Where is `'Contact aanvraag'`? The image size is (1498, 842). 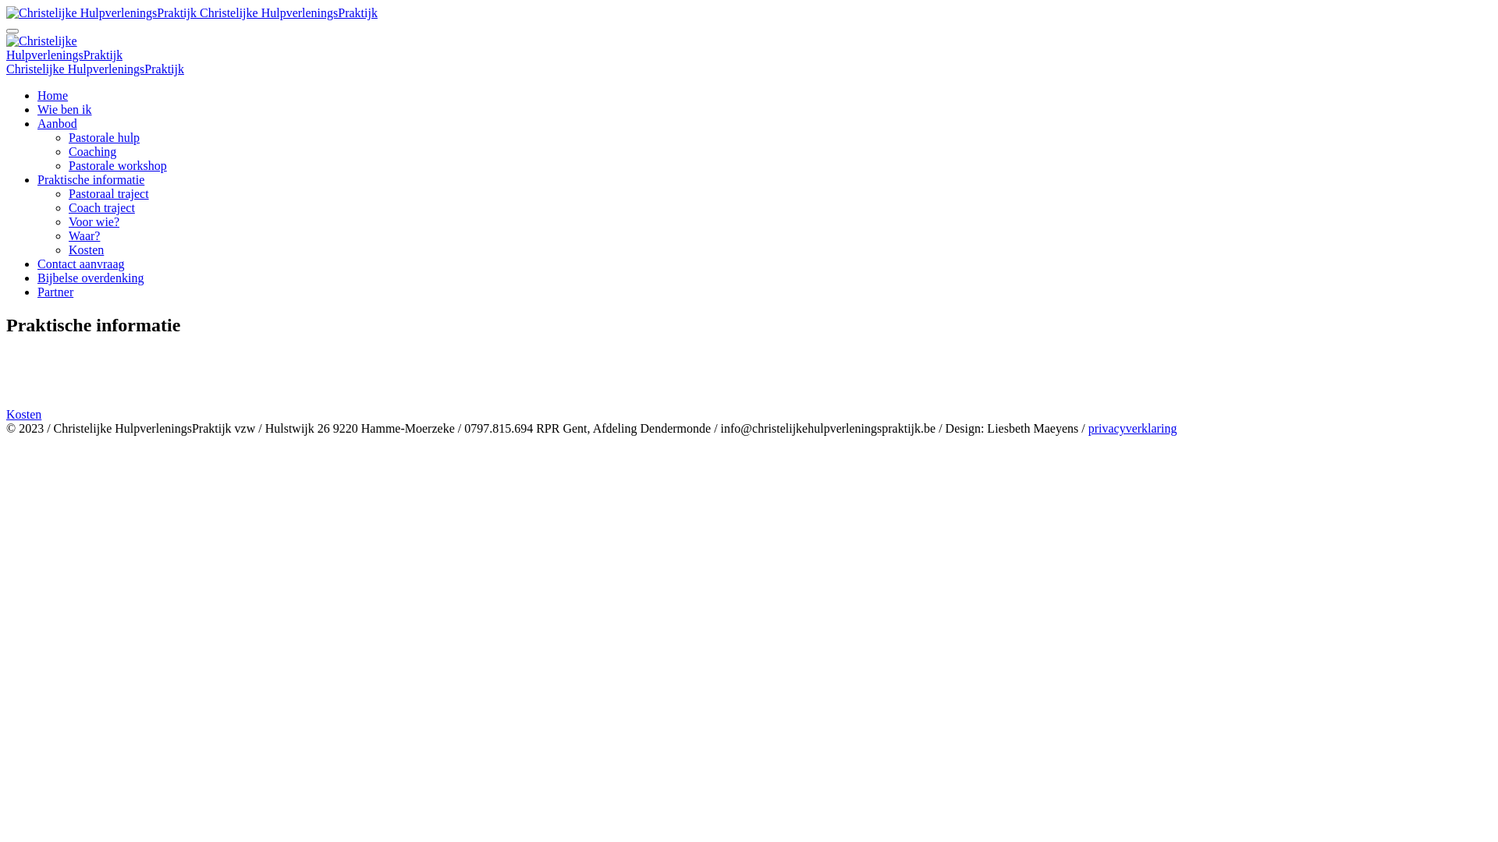 'Contact aanvraag' is located at coordinates (37, 263).